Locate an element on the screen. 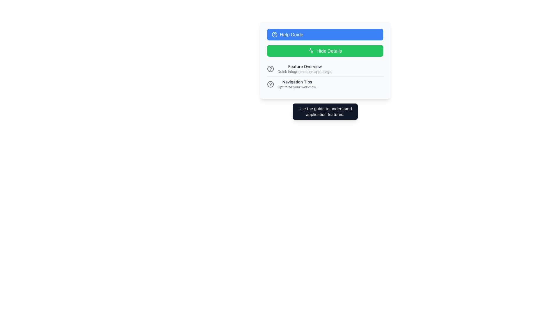  the SVG circle element with a radius of 10 units, which is part of an SVG graphic adjacent to the 'Help Guide' section is located at coordinates (270, 84).